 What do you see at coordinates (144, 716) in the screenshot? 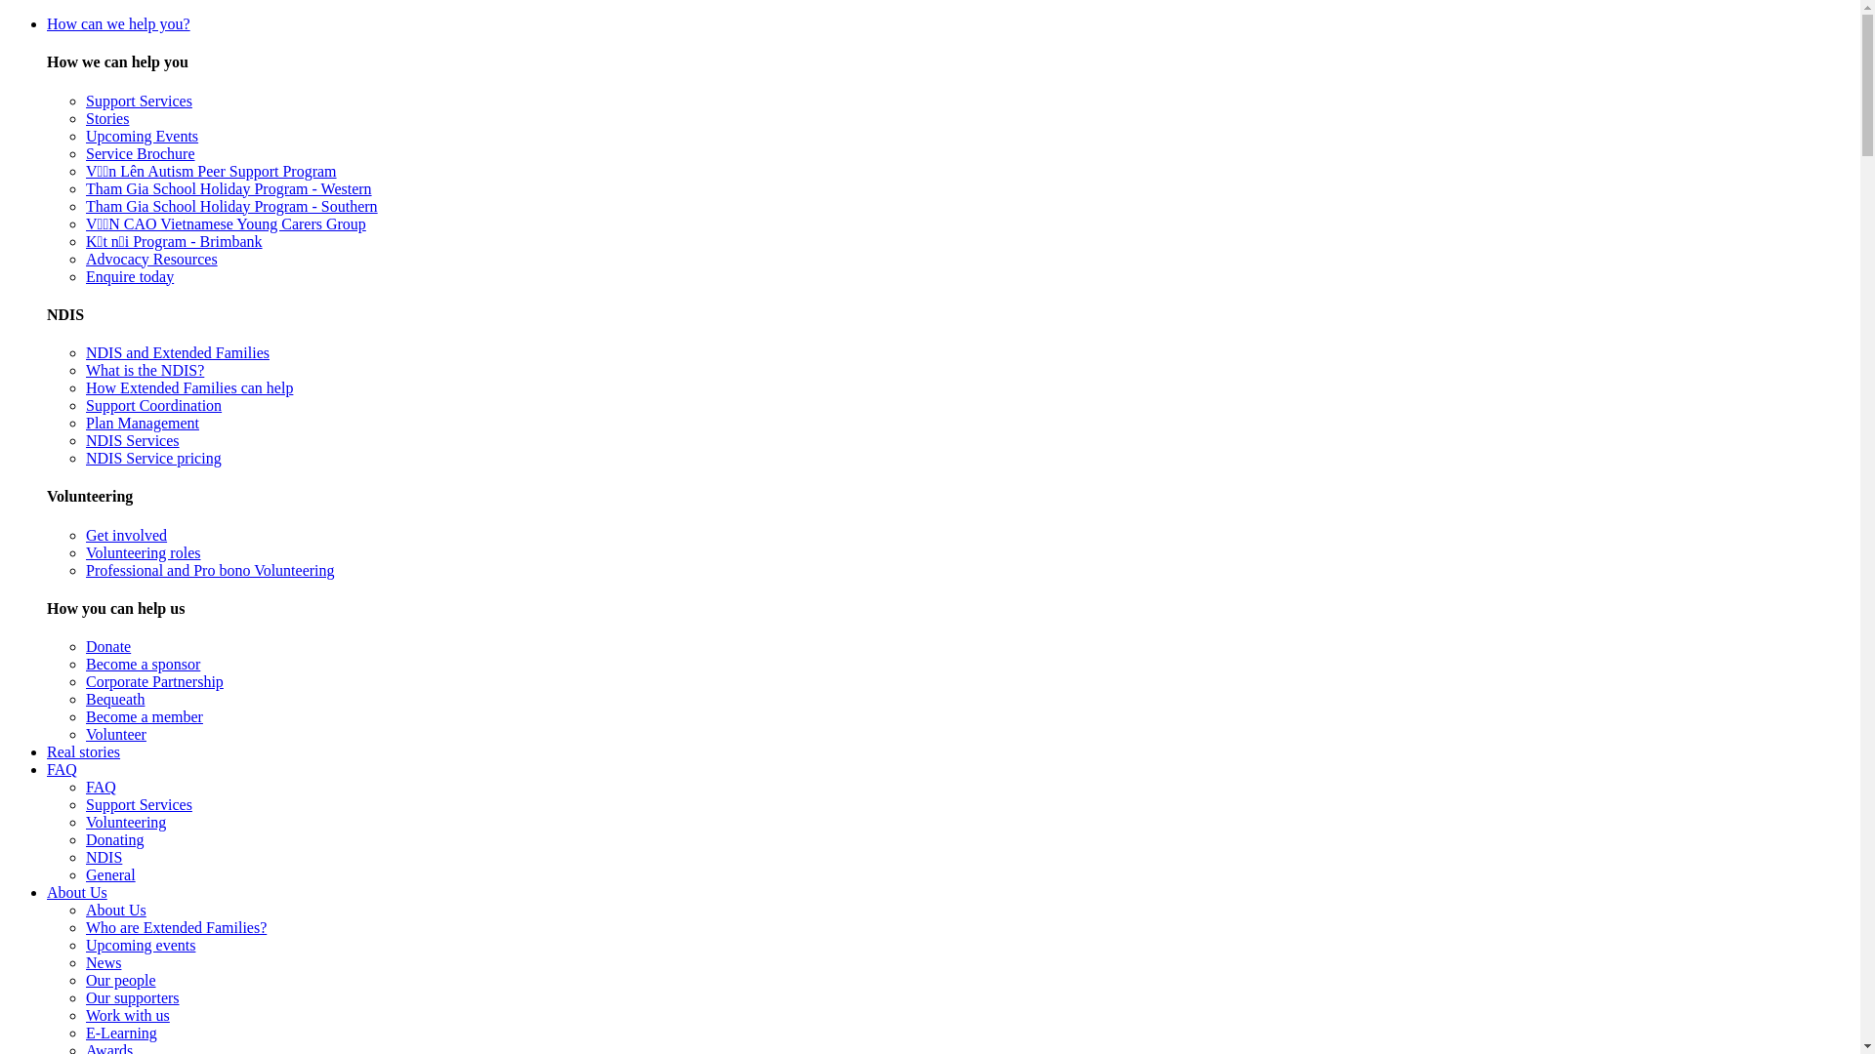
I see `'Become a member'` at bounding box center [144, 716].